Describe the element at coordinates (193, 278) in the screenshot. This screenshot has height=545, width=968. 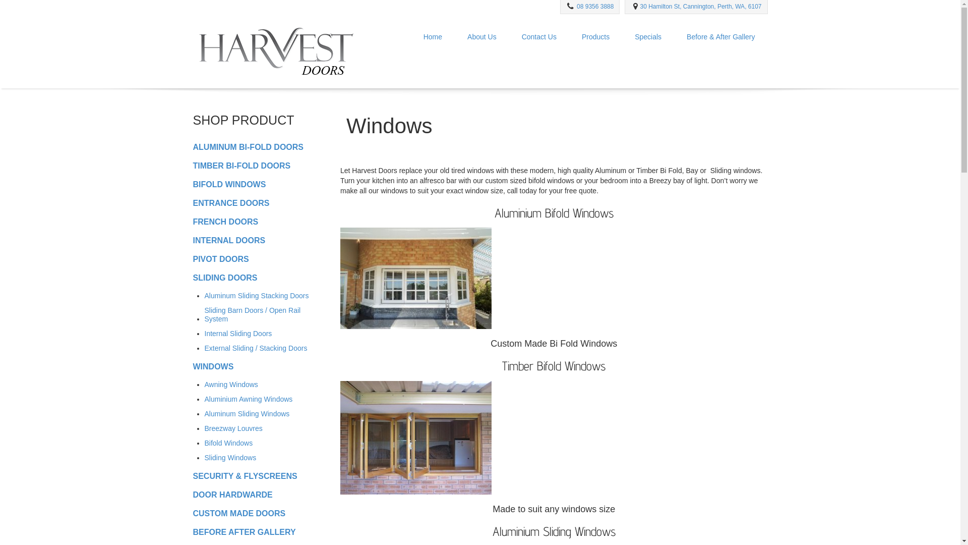
I see `'SLIDING DOORS'` at that location.